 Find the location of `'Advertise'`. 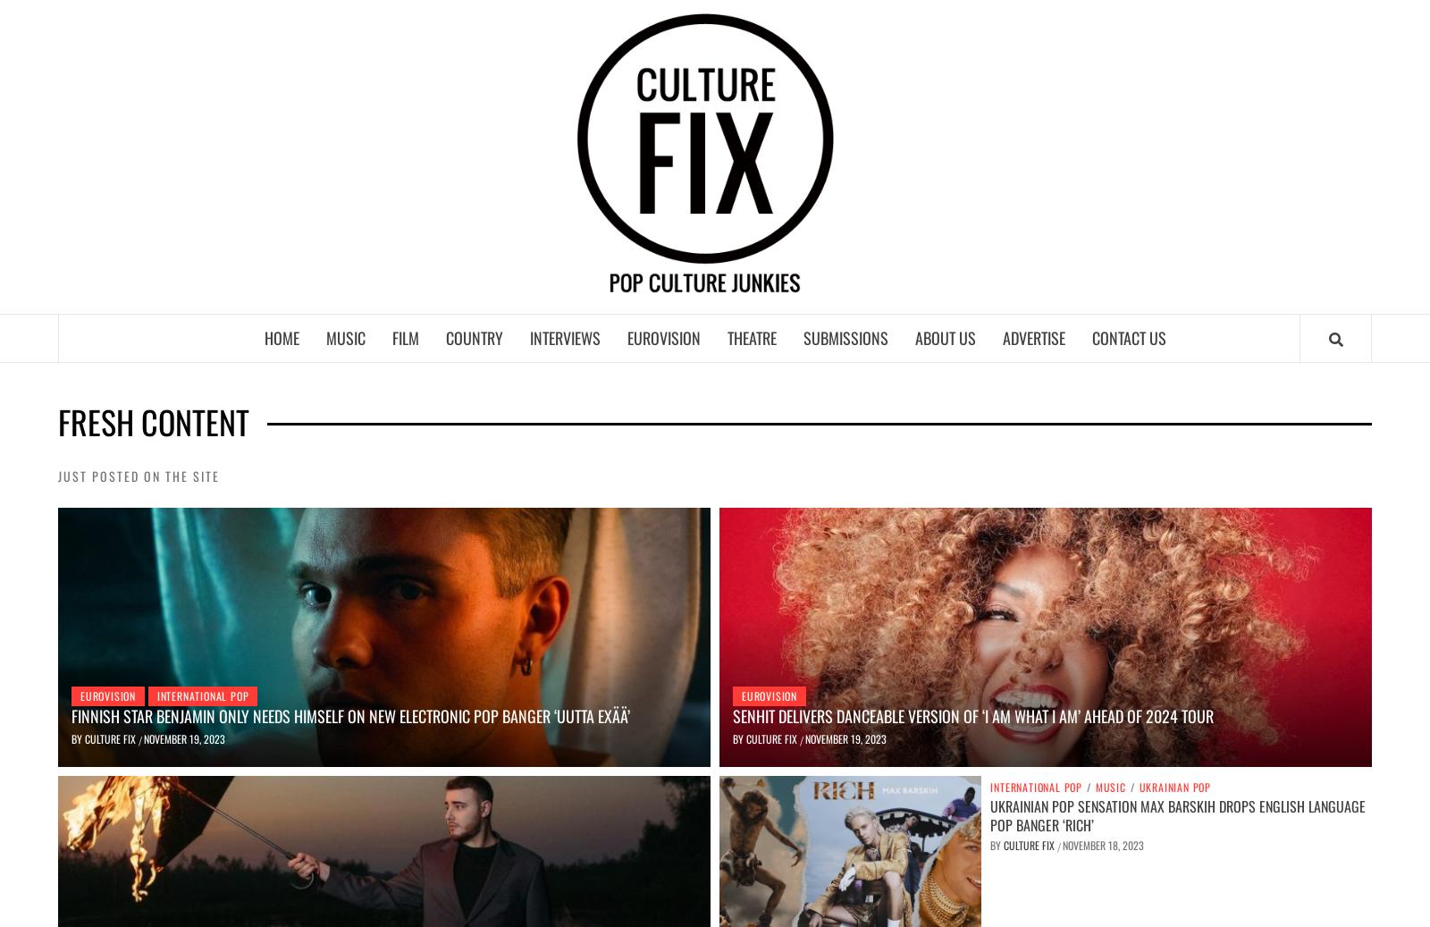

'Advertise' is located at coordinates (1001, 336).